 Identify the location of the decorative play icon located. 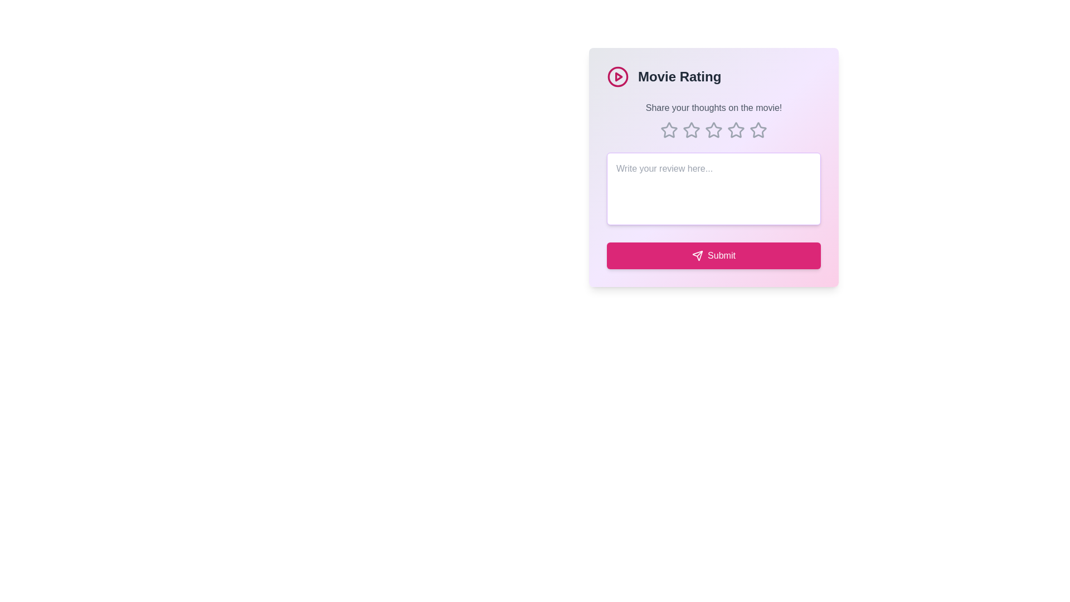
(617, 76).